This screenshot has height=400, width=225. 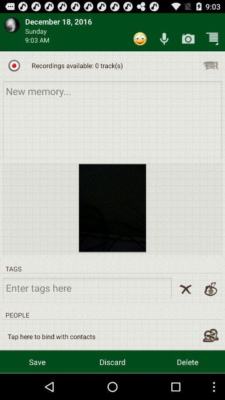 What do you see at coordinates (112, 119) in the screenshot?
I see `a memory` at bounding box center [112, 119].